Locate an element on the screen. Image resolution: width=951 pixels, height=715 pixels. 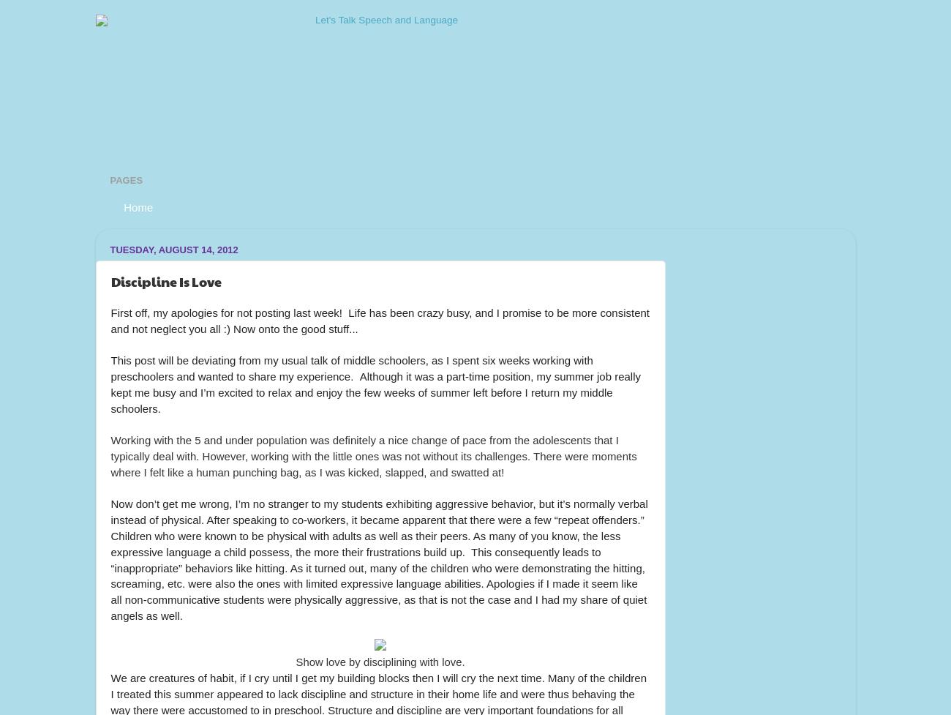
'Show love by disciplining with love.' is located at coordinates (380, 661).